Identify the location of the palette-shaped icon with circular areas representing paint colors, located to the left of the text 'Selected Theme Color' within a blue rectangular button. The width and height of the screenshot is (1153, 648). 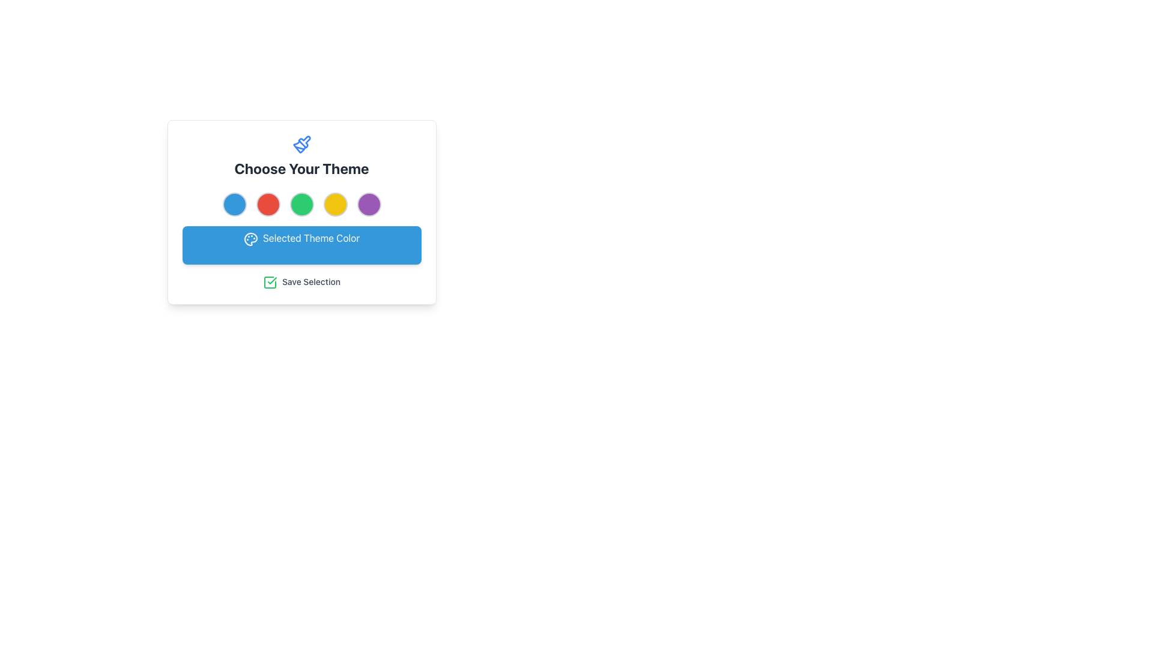
(250, 239).